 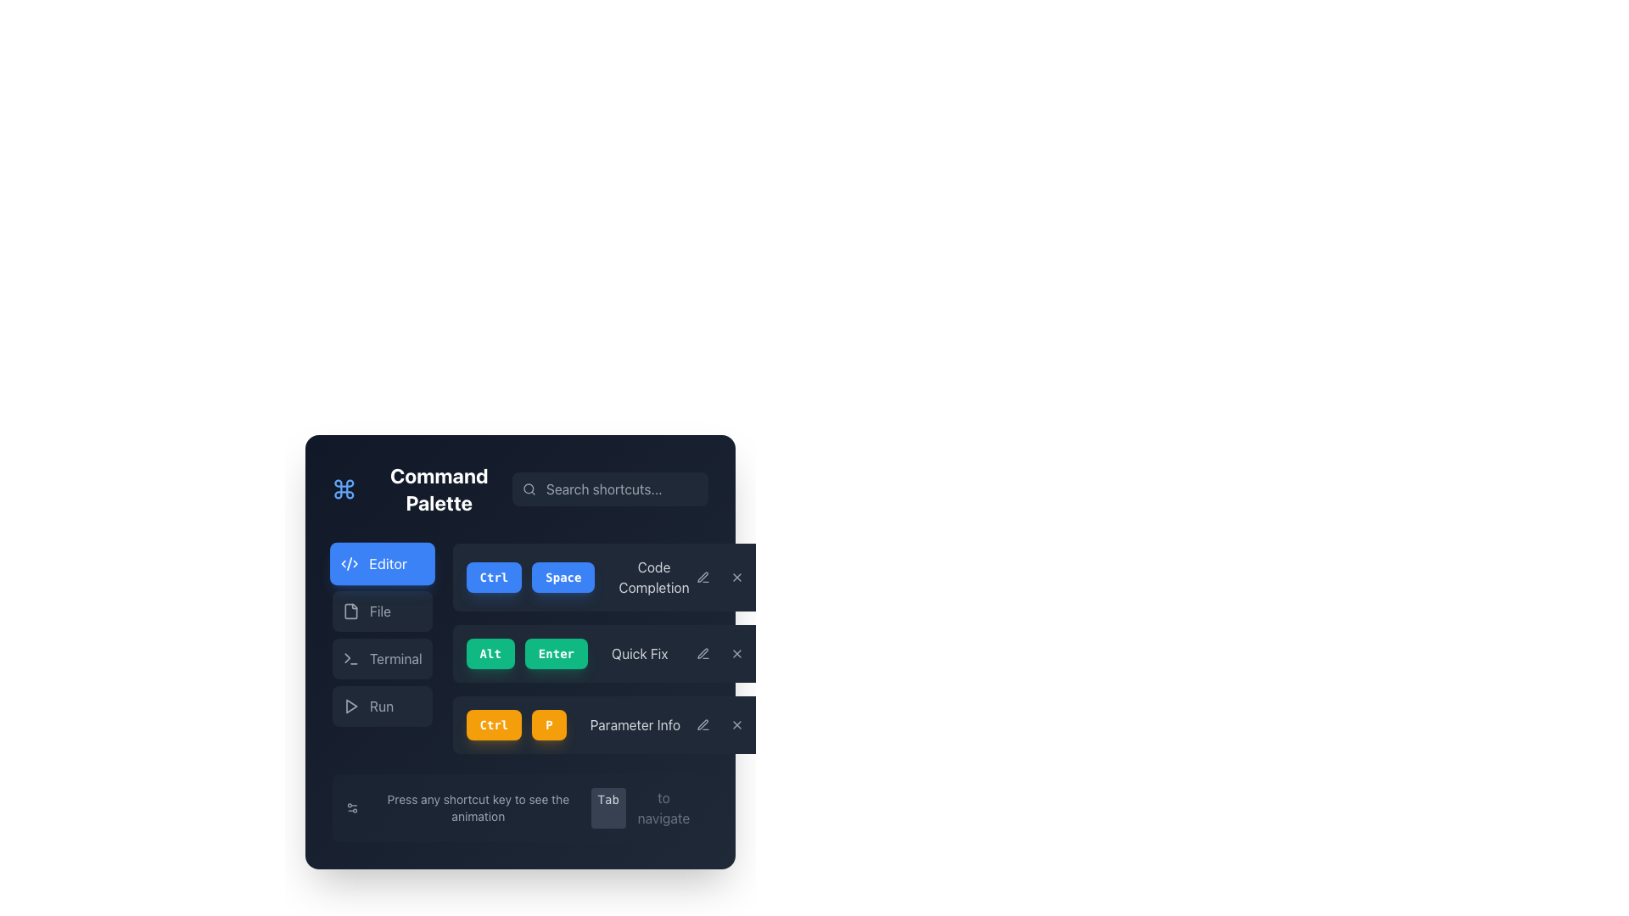 I want to click on the search icon that visually indicates the adjacent input field for entering search queries, located on the left side of the search input field, so click(x=529, y=489).